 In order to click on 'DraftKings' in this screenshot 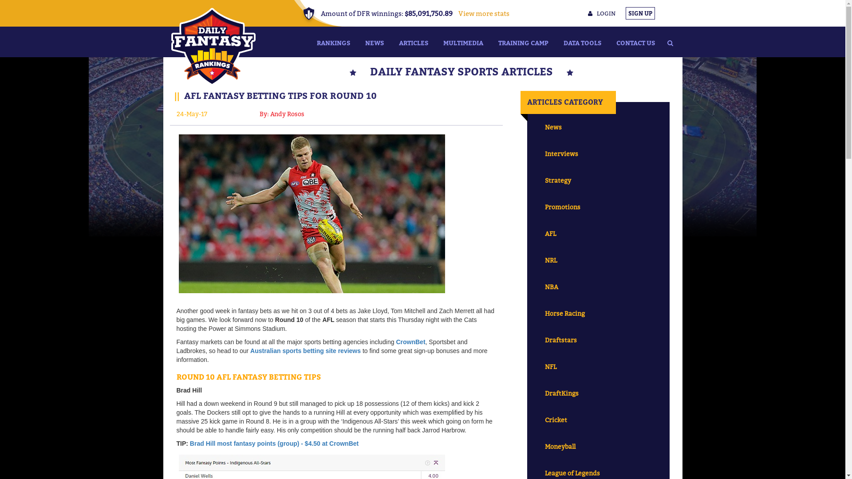, I will do `click(598, 393)`.